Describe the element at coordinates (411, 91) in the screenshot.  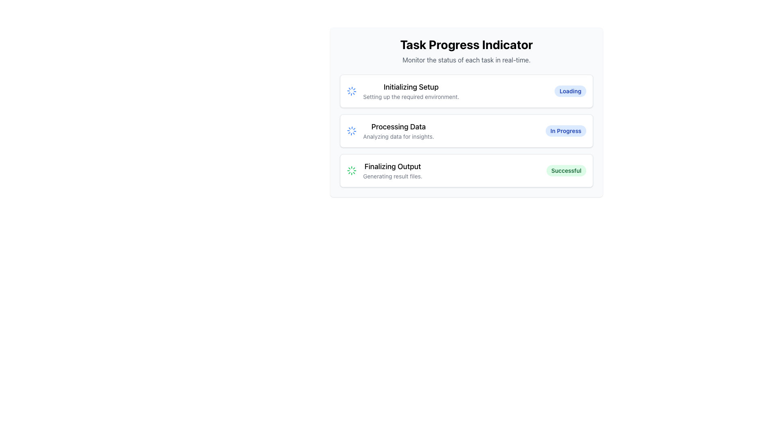
I see `textual content displayed in the title and description area of the progress tracker interface, located above the 'Loading' status label and to the right of the spinning loader icon` at that location.